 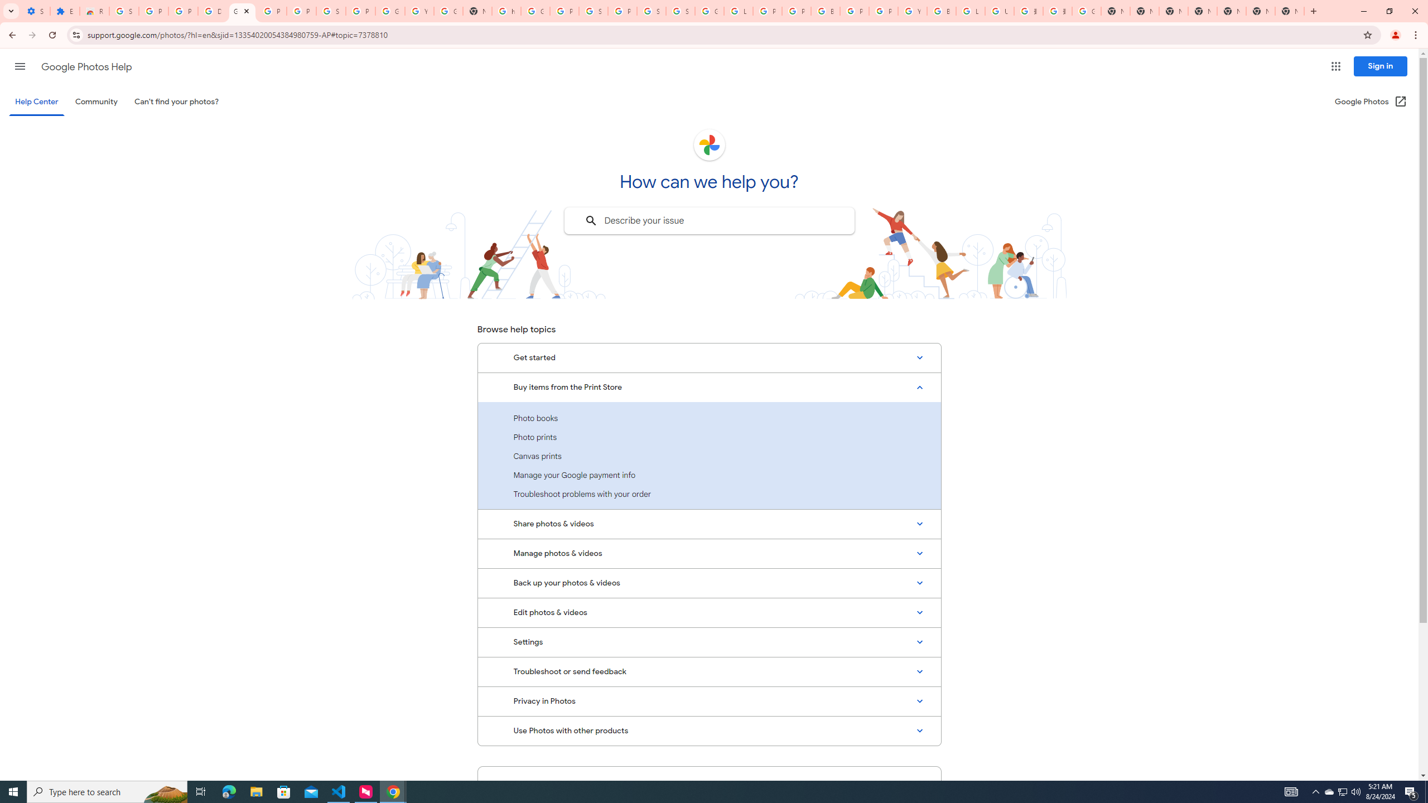 I want to click on 'Use Photos with other products', so click(x=709, y=730).